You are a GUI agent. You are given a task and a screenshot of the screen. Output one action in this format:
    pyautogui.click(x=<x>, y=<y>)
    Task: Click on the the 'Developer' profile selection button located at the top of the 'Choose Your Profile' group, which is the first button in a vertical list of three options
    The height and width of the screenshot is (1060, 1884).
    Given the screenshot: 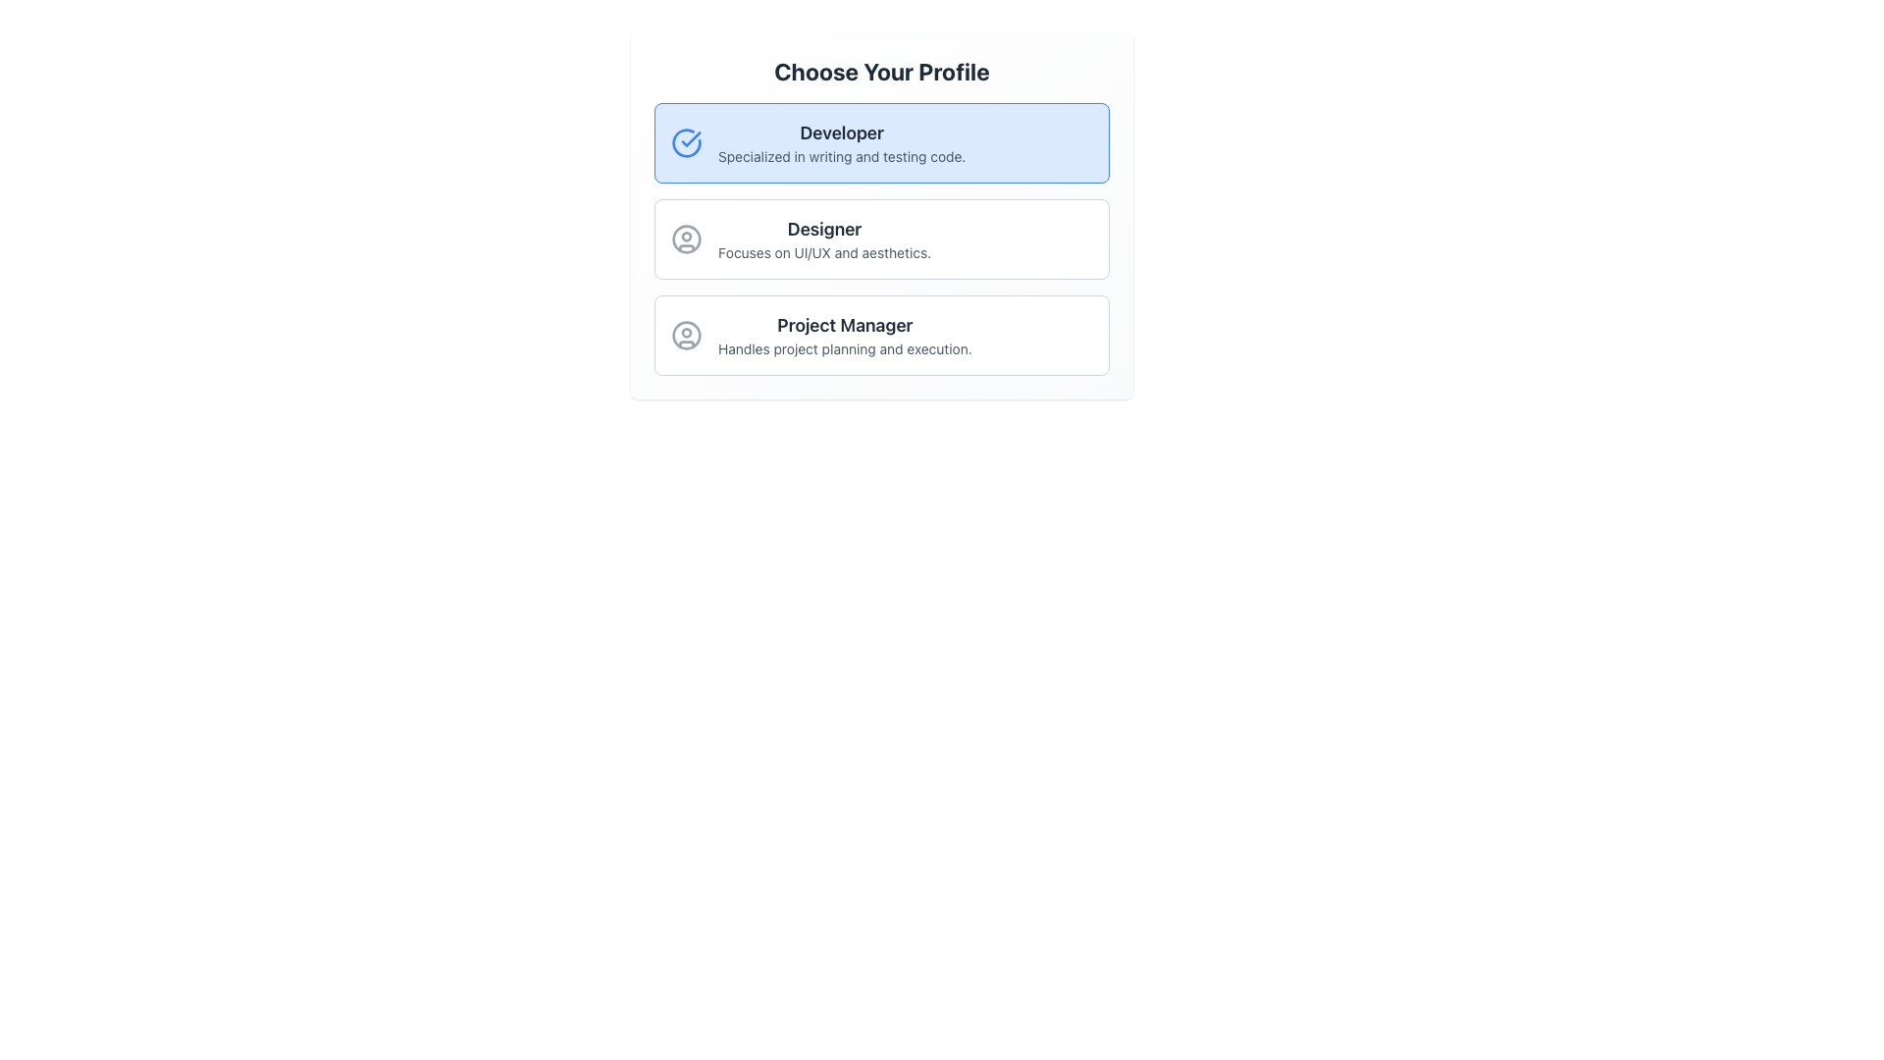 What is the action you would take?
    pyautogui.click(x=880, y=142)
    